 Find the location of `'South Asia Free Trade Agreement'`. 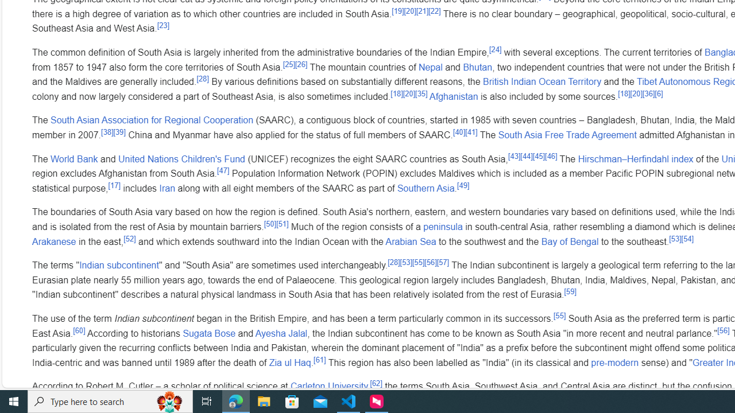

'South Asia Free Trade Agreement' is located at coordinates (567, 134).